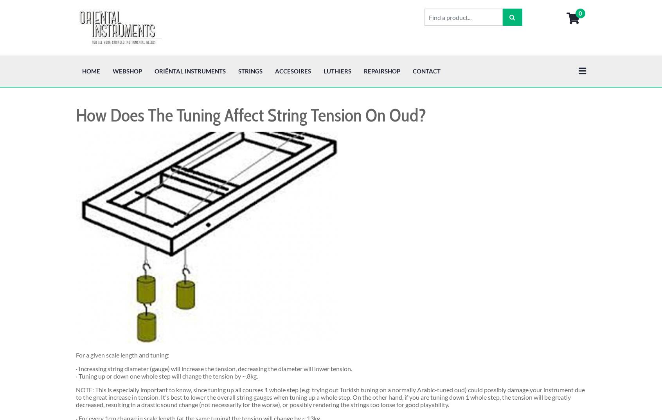  I want to click on 'Webshop', so click(127, 15).